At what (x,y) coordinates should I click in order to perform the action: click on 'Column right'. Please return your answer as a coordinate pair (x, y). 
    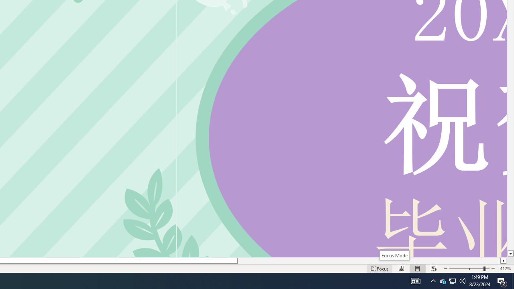
    Looking at the image, I should click on (503, 261).